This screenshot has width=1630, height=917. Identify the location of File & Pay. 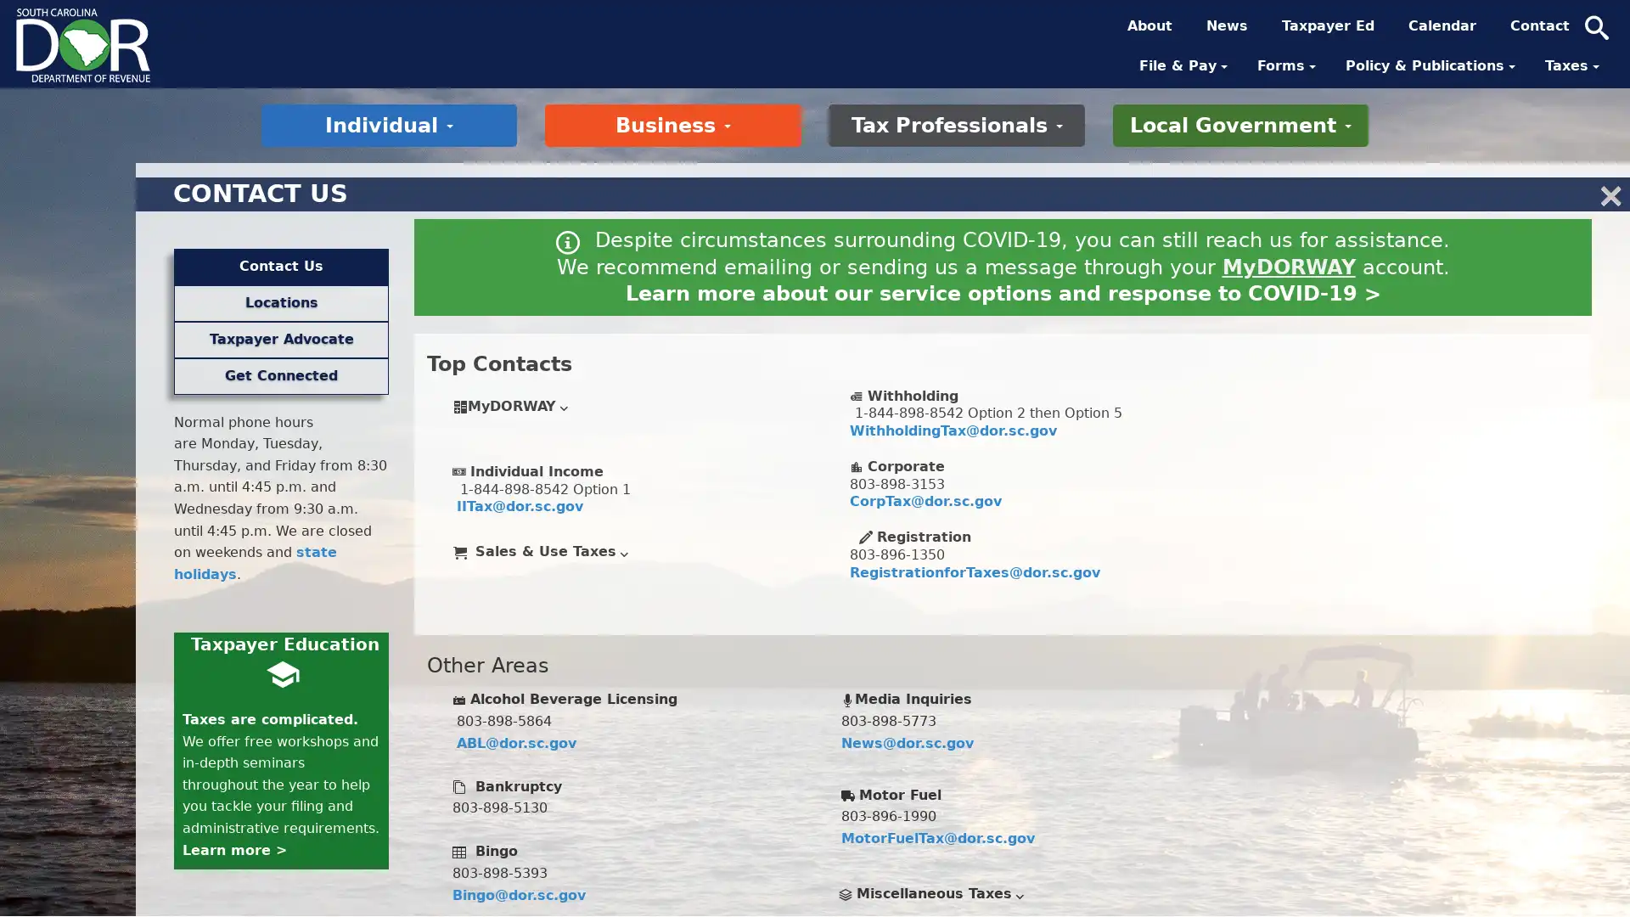
(1184, 65).